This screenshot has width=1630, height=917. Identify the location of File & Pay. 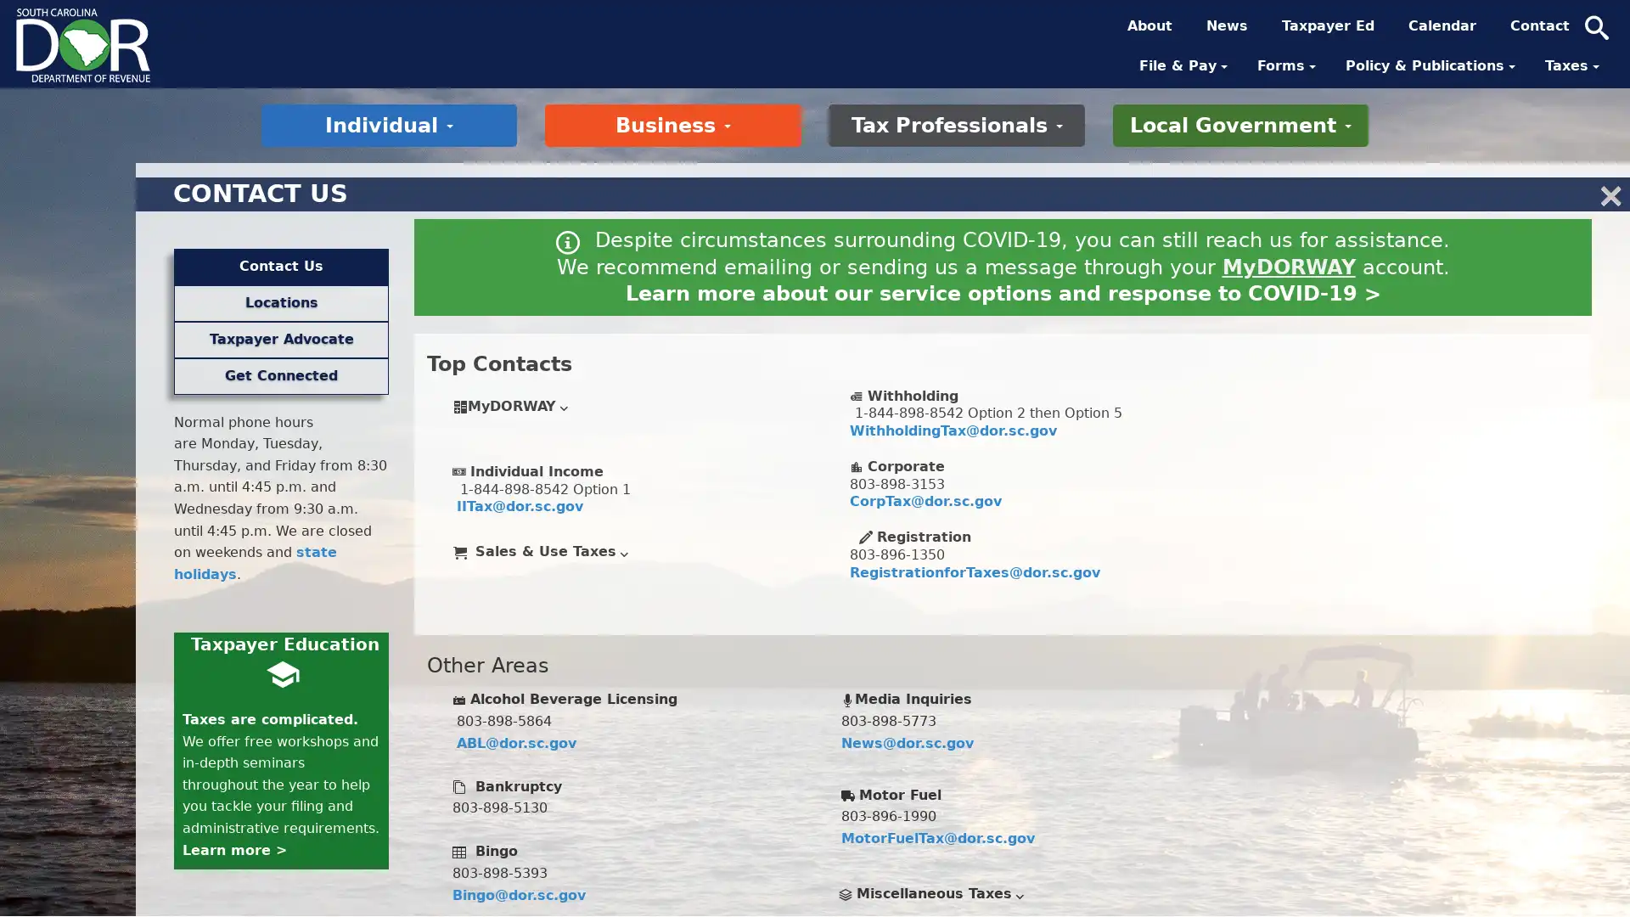
(1184, 65).